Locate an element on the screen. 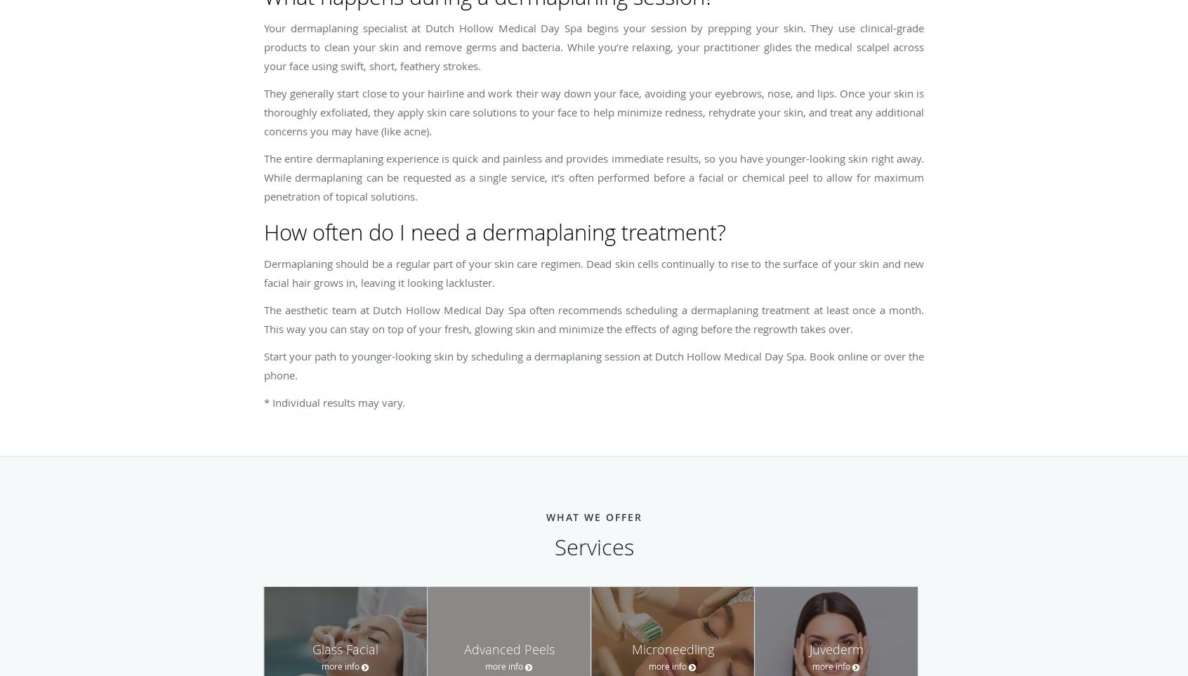 This screenshot has height=676, width=1188. 'The aesthetic team at Dutch Hollow Medical Day Spa often recommends scheduling a dermaplaning treatment at least once a month. This way you can stay on top of your fresh, glowing skin and minimize the effects of aging before the regrowth takes over.' is located at coordinates (594, 319).